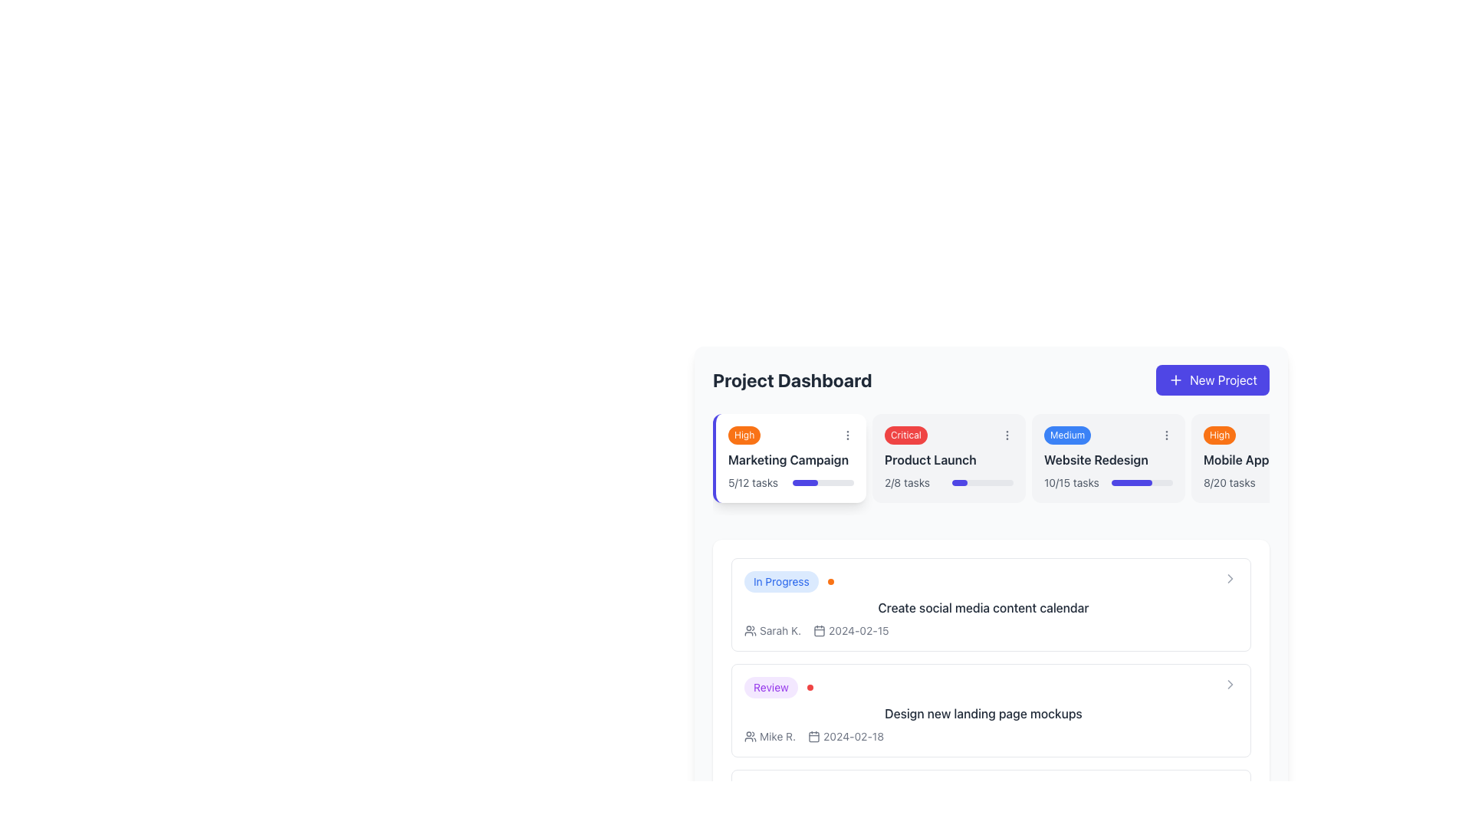  What do you see at coordinates (1066, 435) in the screenshot?
I see `the content of the status indicator label located at the top-right corner of the 'Website Redesign' card, next to the ellipsis menu icon` at bounding box center [1066, 435].